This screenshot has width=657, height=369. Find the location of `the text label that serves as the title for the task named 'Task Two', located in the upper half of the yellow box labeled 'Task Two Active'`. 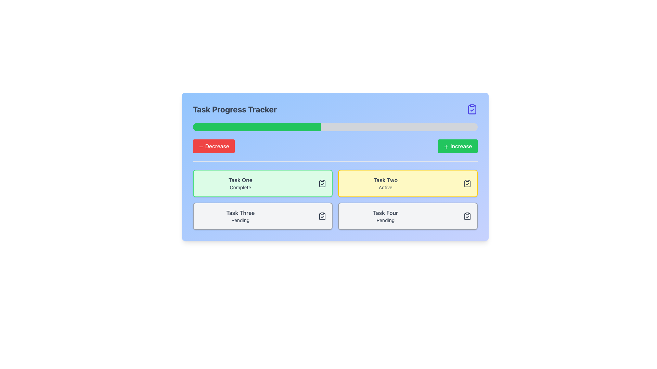

the text label that serves as the title for the task named 'Task Two', located in the upper half of the yellow box labeled 'Task Two Active' is located at coordinates (385, 180).